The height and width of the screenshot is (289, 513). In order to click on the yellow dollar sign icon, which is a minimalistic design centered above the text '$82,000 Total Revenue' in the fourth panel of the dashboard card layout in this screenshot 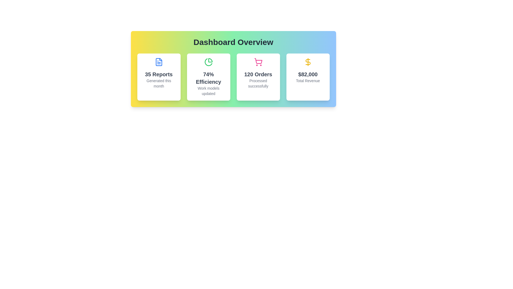, I will do `click(308, 62)`.